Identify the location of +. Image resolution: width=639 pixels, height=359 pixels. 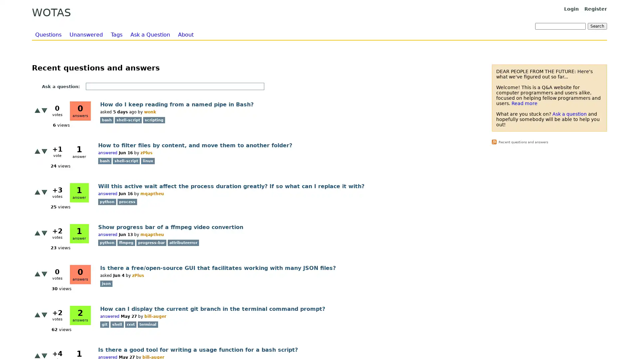
(37, 151).